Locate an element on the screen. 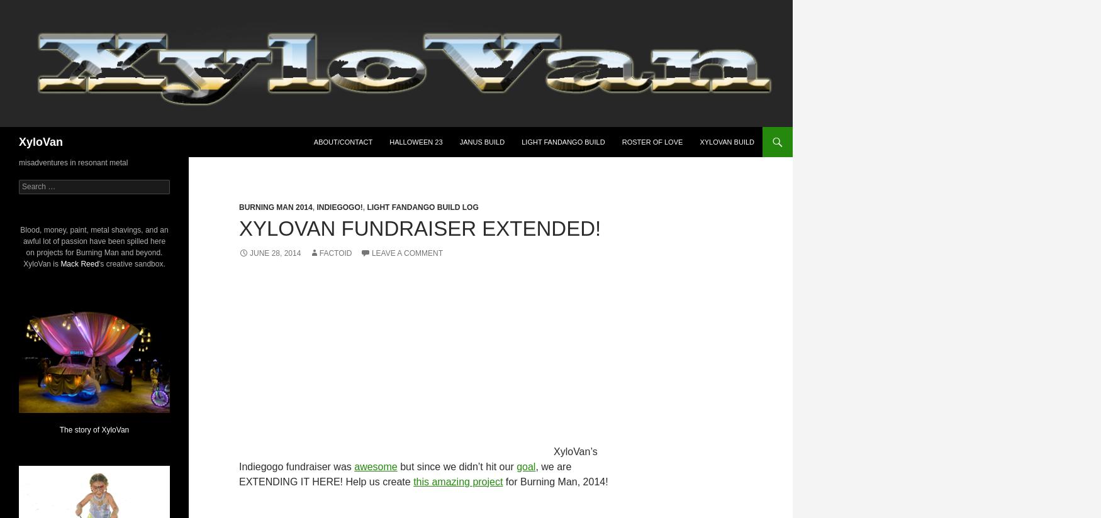 This screenshot has width=1101, height=518. 'this amazing project' is located at coordinates (458, 481).